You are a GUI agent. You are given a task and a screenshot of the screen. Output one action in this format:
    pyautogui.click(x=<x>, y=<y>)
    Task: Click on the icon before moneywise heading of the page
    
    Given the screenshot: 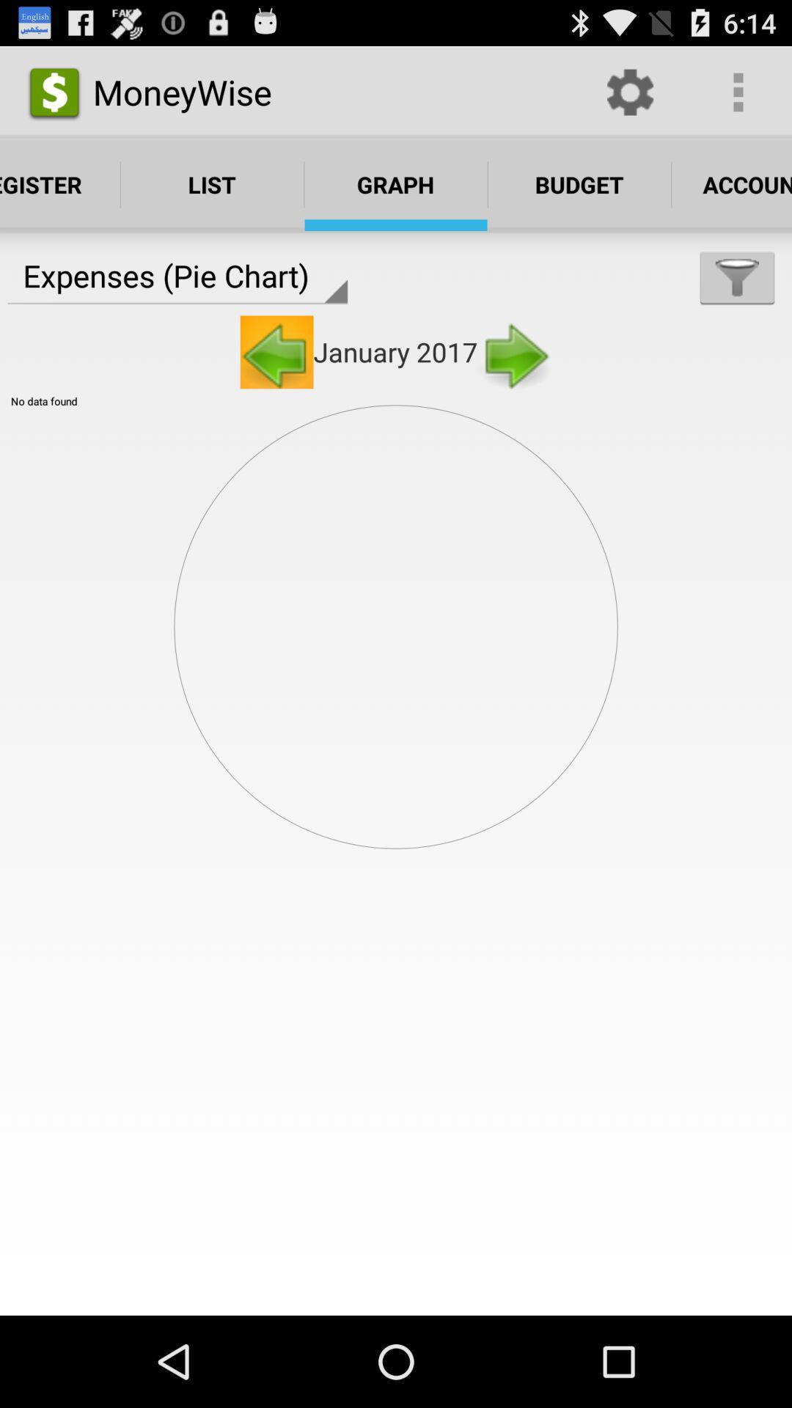 What is the action you would take?
    pyautogui.click(x=53, y=91)
    